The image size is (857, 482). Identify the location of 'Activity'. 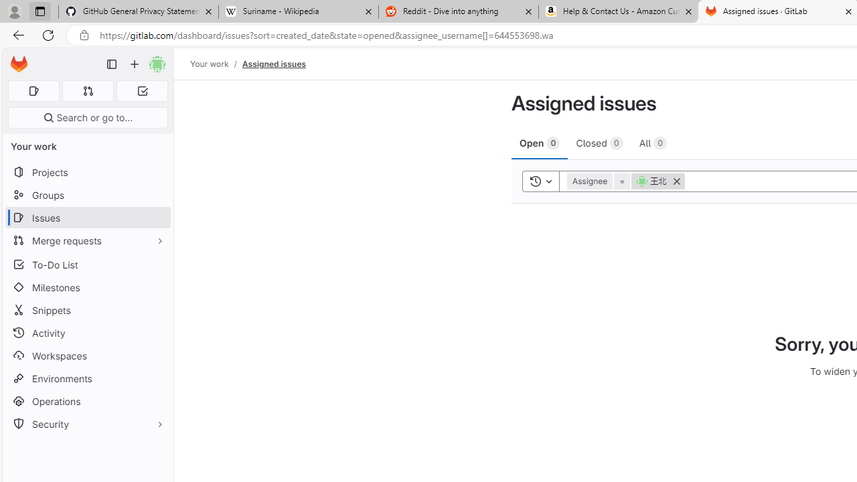
(87, 332).